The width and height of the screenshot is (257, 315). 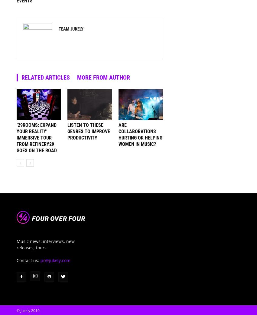 What do you see at coordinates (16, 137) in the screenshot?
I see `'‘29ROOMS: EXPAND YOUR REALITY’ IMMERSIVE TOUR FROM REFINERY29 GOES ON THE ROAD'` at bounding box center [16, 137].